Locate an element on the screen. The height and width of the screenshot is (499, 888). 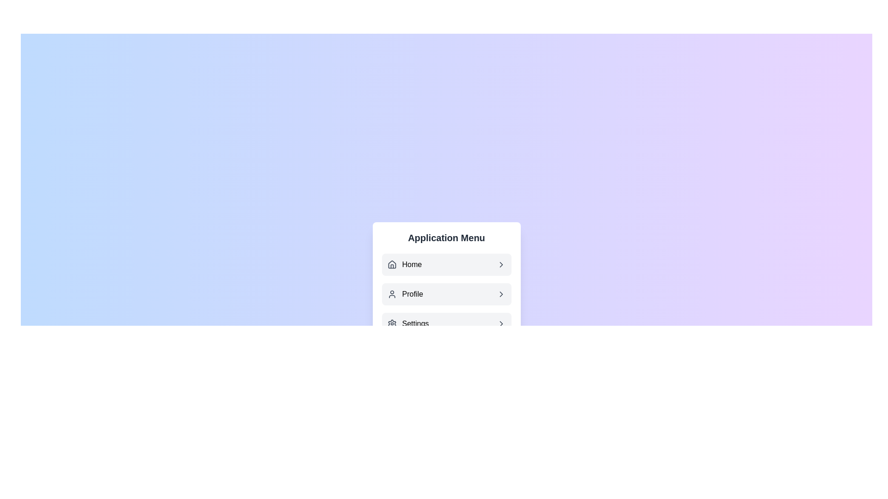
the 'Home' navigation link, which features a house icon and is the first item in the vertical menu is located at coordinates (404, 265).